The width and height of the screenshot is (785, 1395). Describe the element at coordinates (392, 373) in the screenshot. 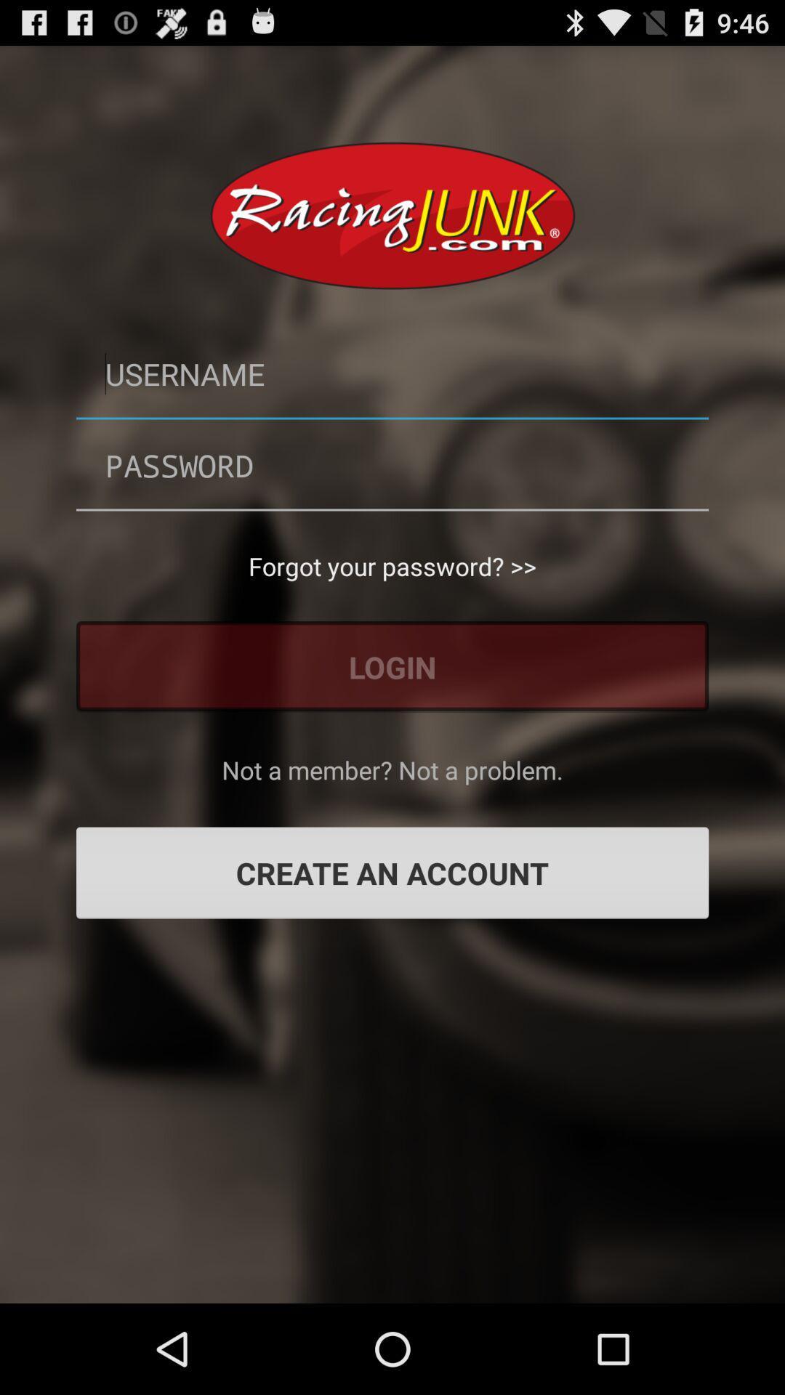

I see `username` at that location.